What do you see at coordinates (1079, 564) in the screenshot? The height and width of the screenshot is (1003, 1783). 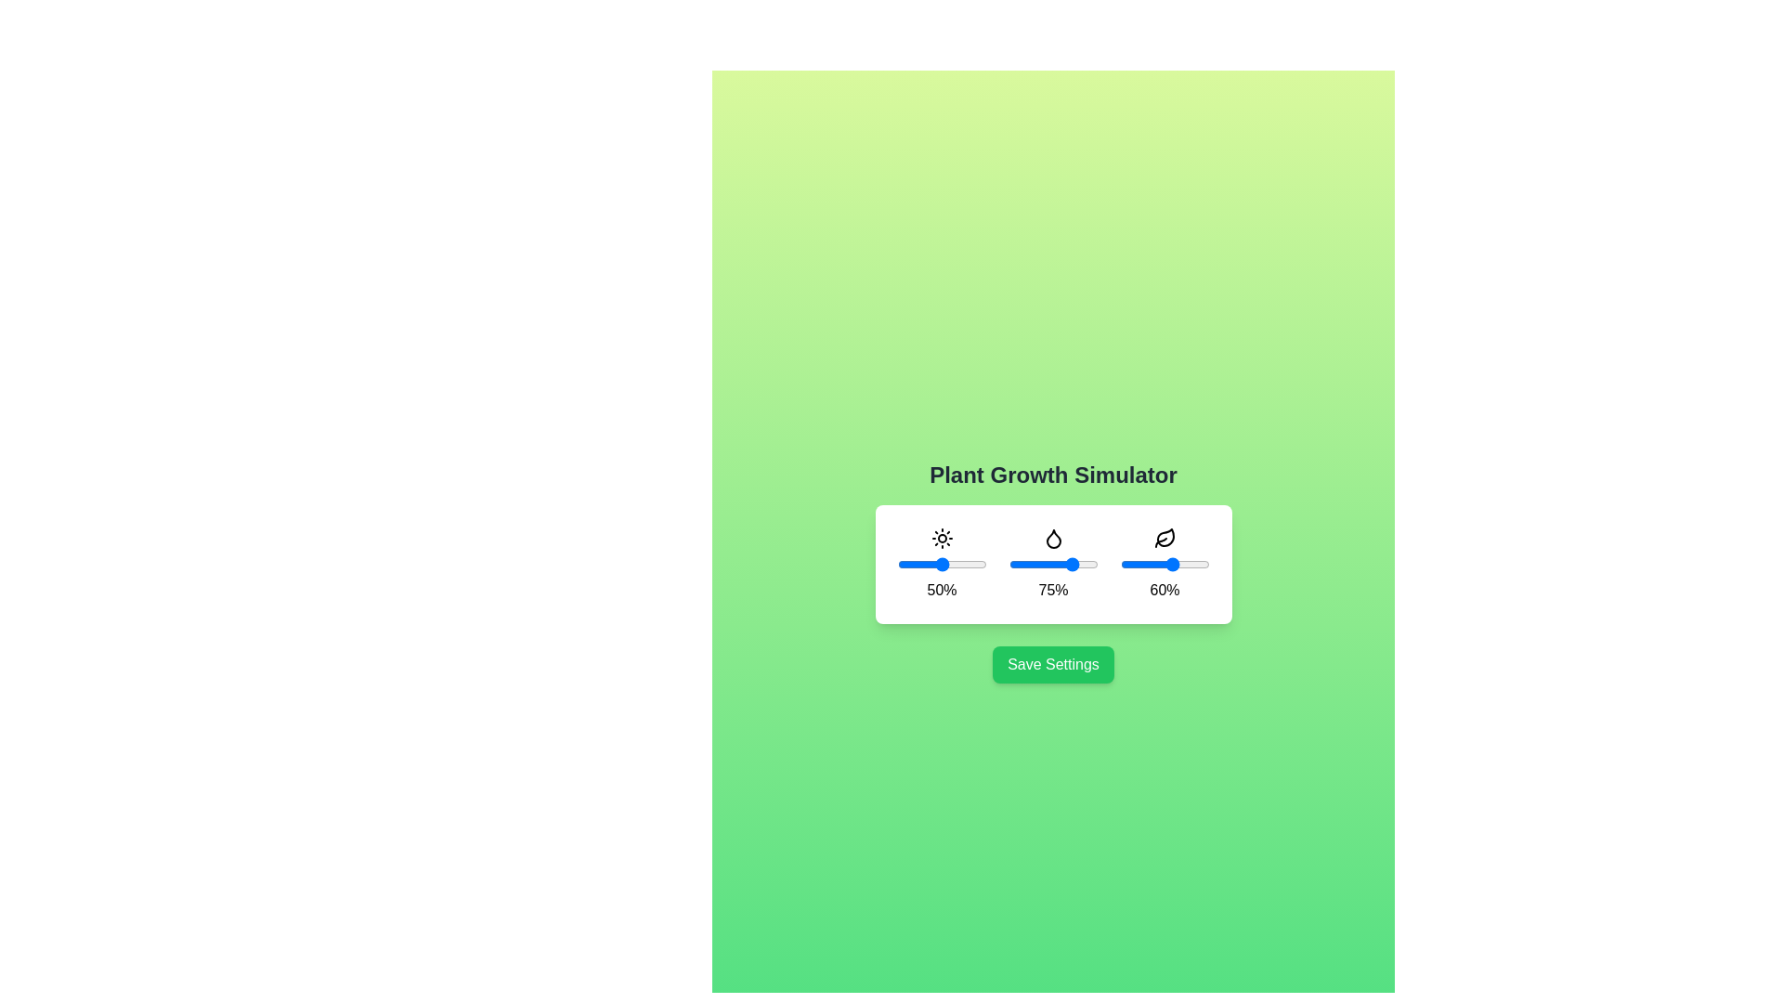 I see `the water slider to 79%` at bounding box center [1079, 564].